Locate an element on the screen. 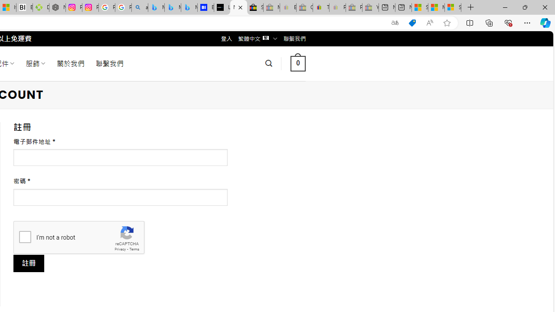 This screenshot has height=312, width=555. 'Microsoft Bing Travel - Shangri-La Hotel Bangkok' is located at coordinates (189, 7).